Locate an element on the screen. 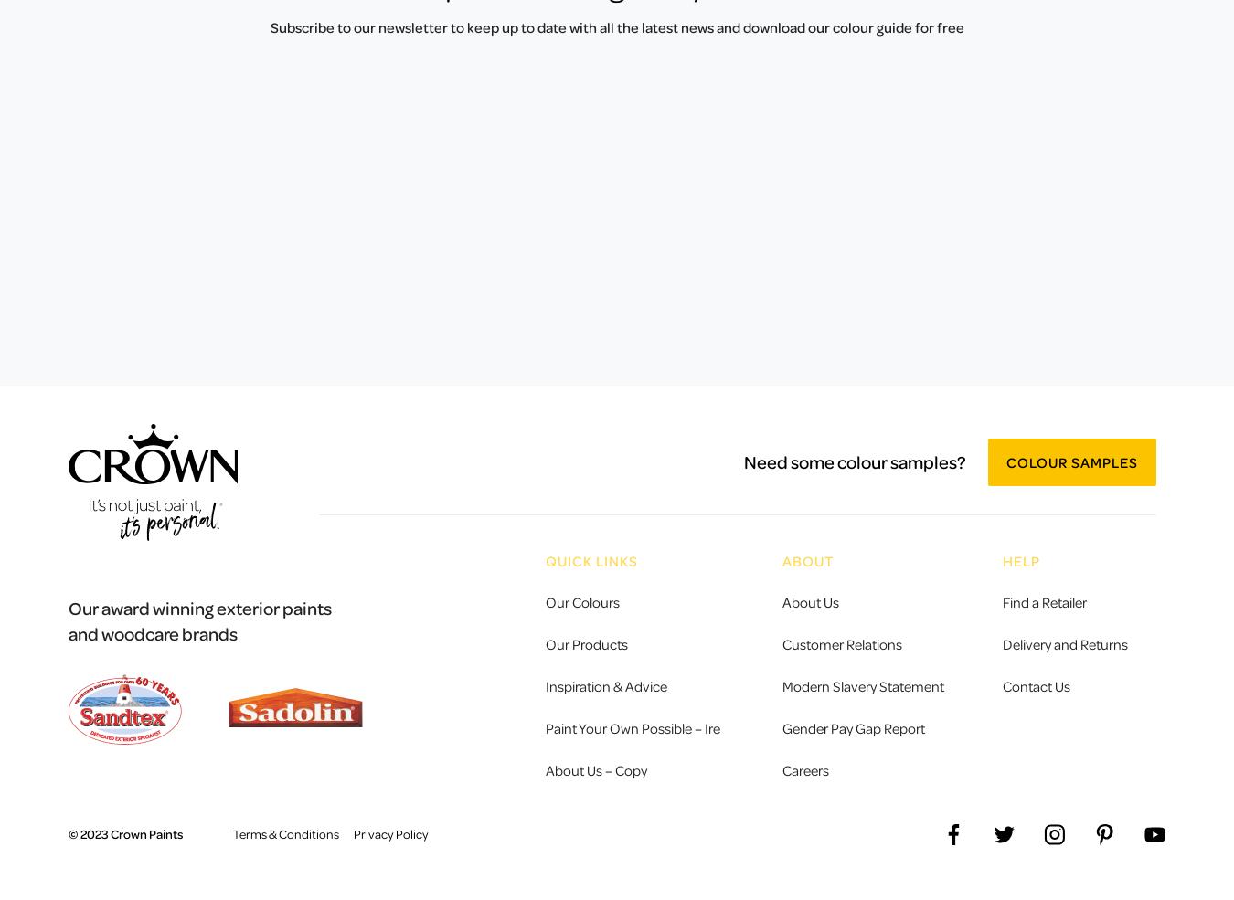 The image size is (1234, 900). 'Paint Your Own Possible – Ire' is located at coordinates (631, 725).